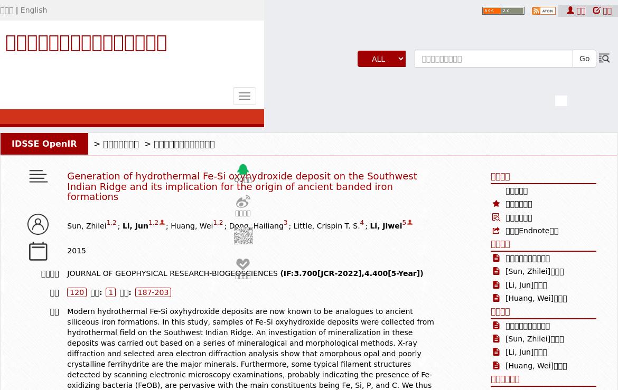  Describe the element at coordinates (532, 230) in the screenshot. I see `'导出为Endnote文件'` at that location.